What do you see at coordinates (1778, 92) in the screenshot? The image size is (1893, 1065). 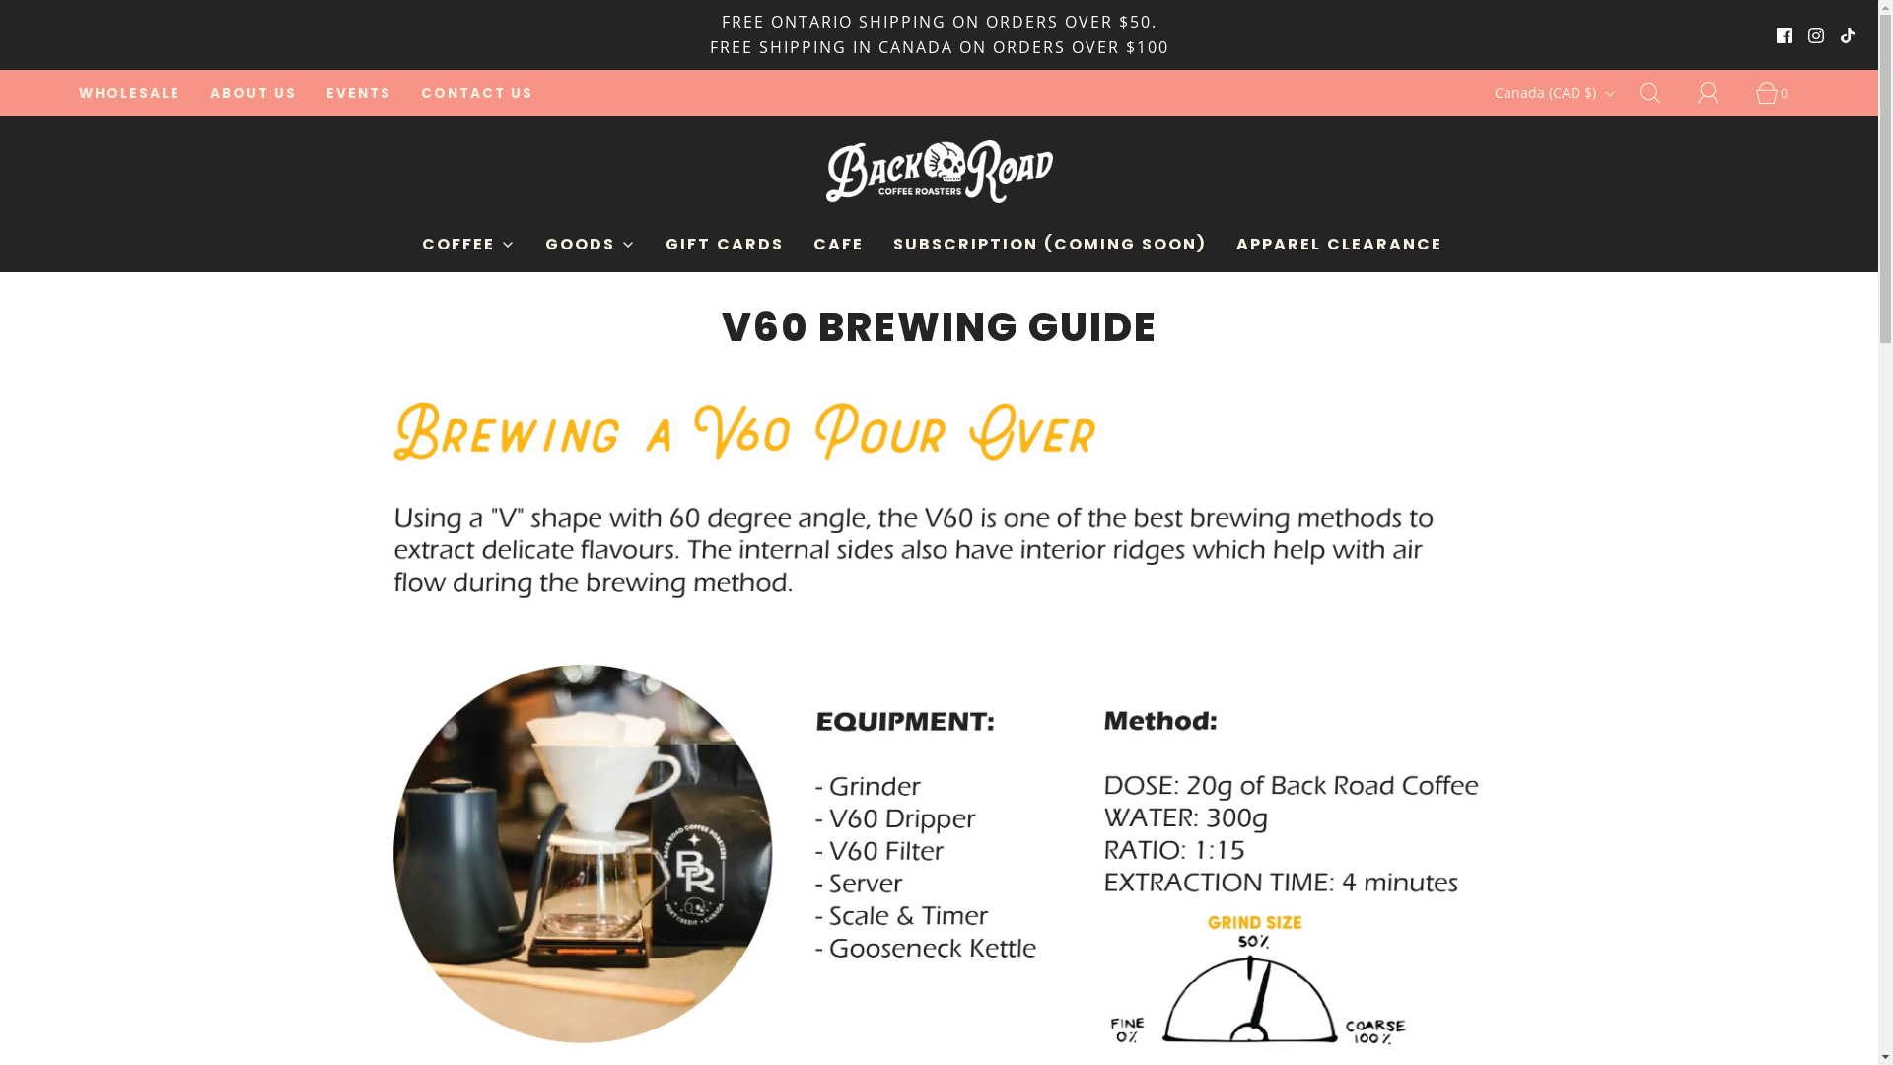 I see `'0'` at bounding box center [1778, 92].